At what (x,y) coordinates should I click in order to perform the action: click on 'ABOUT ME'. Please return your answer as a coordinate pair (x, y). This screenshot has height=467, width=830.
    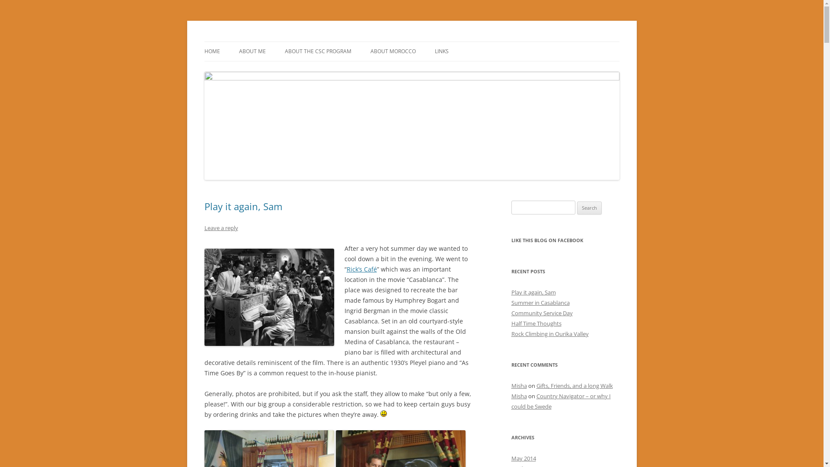
    Looking at the image, I should click on (239, 51).